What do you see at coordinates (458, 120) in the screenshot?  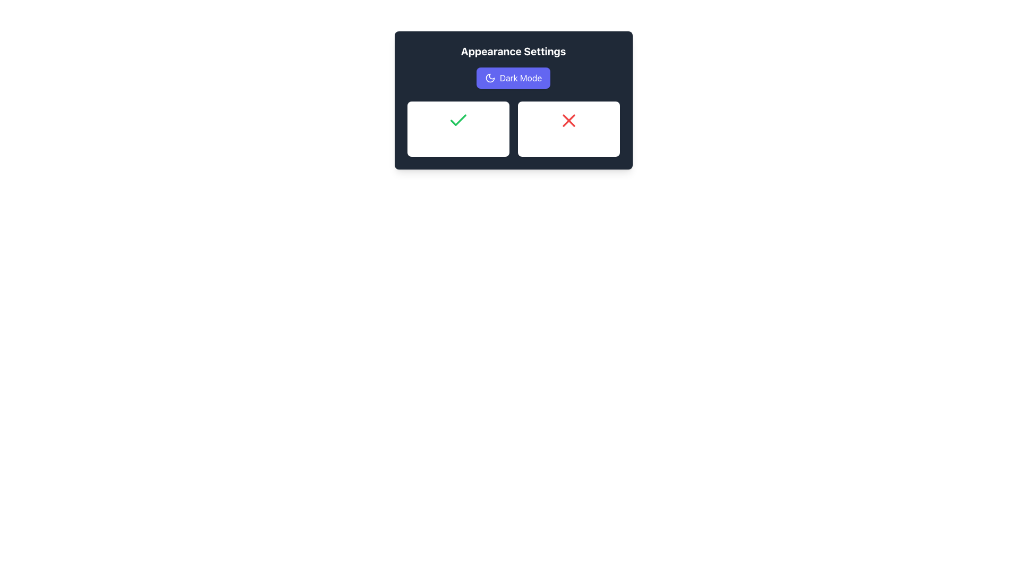 I see `the green checkmark icon under the 'Appearance Settings' heading` at bounding box center [458, 120].